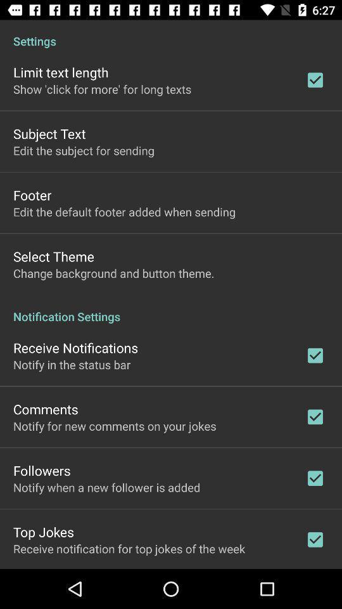  What do you see at coordinates (60, 72) in the screenshot?
I see `app above show click for app` at bounding box center [60, 72].